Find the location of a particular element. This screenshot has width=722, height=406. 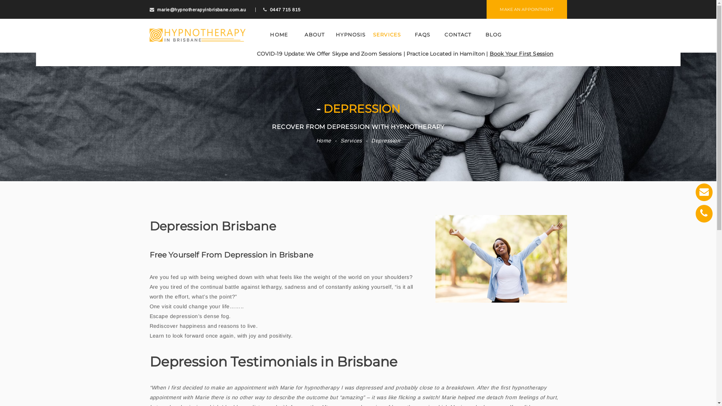

'0447 715 815' is located at coordinates (270, 10).